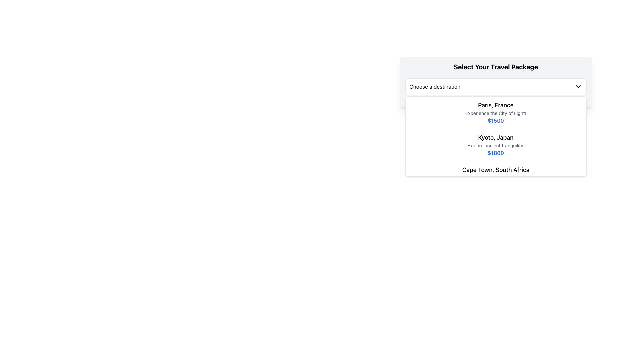  What do you see at coordinates (496, 105) in the screenshot?
I see `the text element that serves as the label for the travel destination, Paris, France, which is positioned at the top of the travel package selection list` at bounding box center [496, 105].